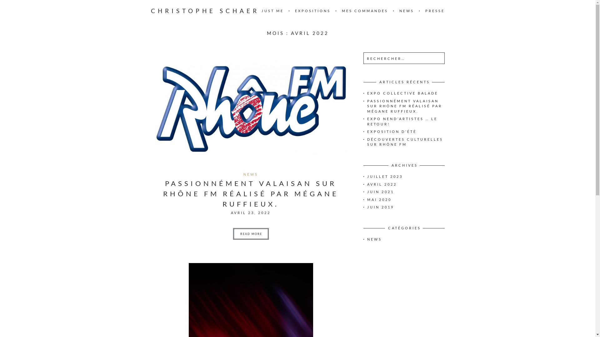 The image size is (600, 337). I want to click on 'JUILLET 2023', so click(384, 176).